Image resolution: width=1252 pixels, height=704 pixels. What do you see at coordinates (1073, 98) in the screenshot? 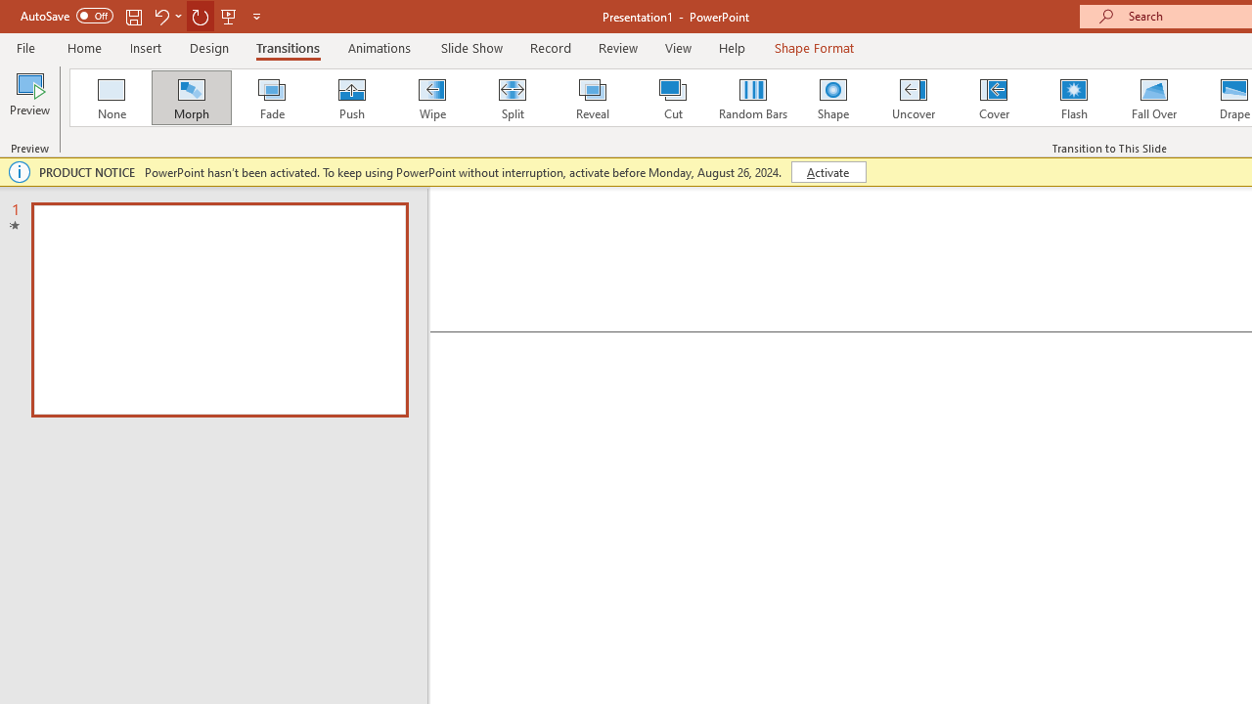
I see `'Flash'` at bounding box center [1073, 98].